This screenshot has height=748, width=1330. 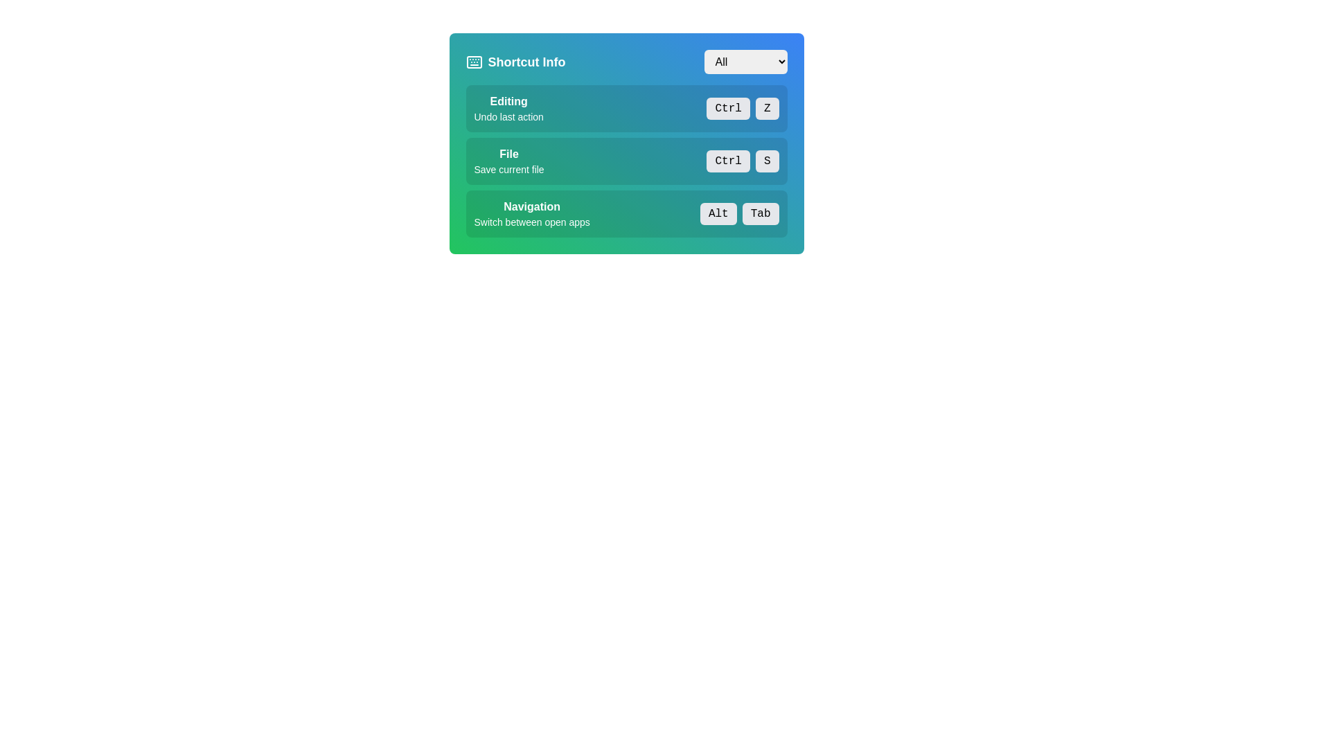 I want to click on the 'Undo last action' text label, which is styled in a smaller font and located below the 'Editing' heading, centered in the application interface, so click(x=508, y=116).